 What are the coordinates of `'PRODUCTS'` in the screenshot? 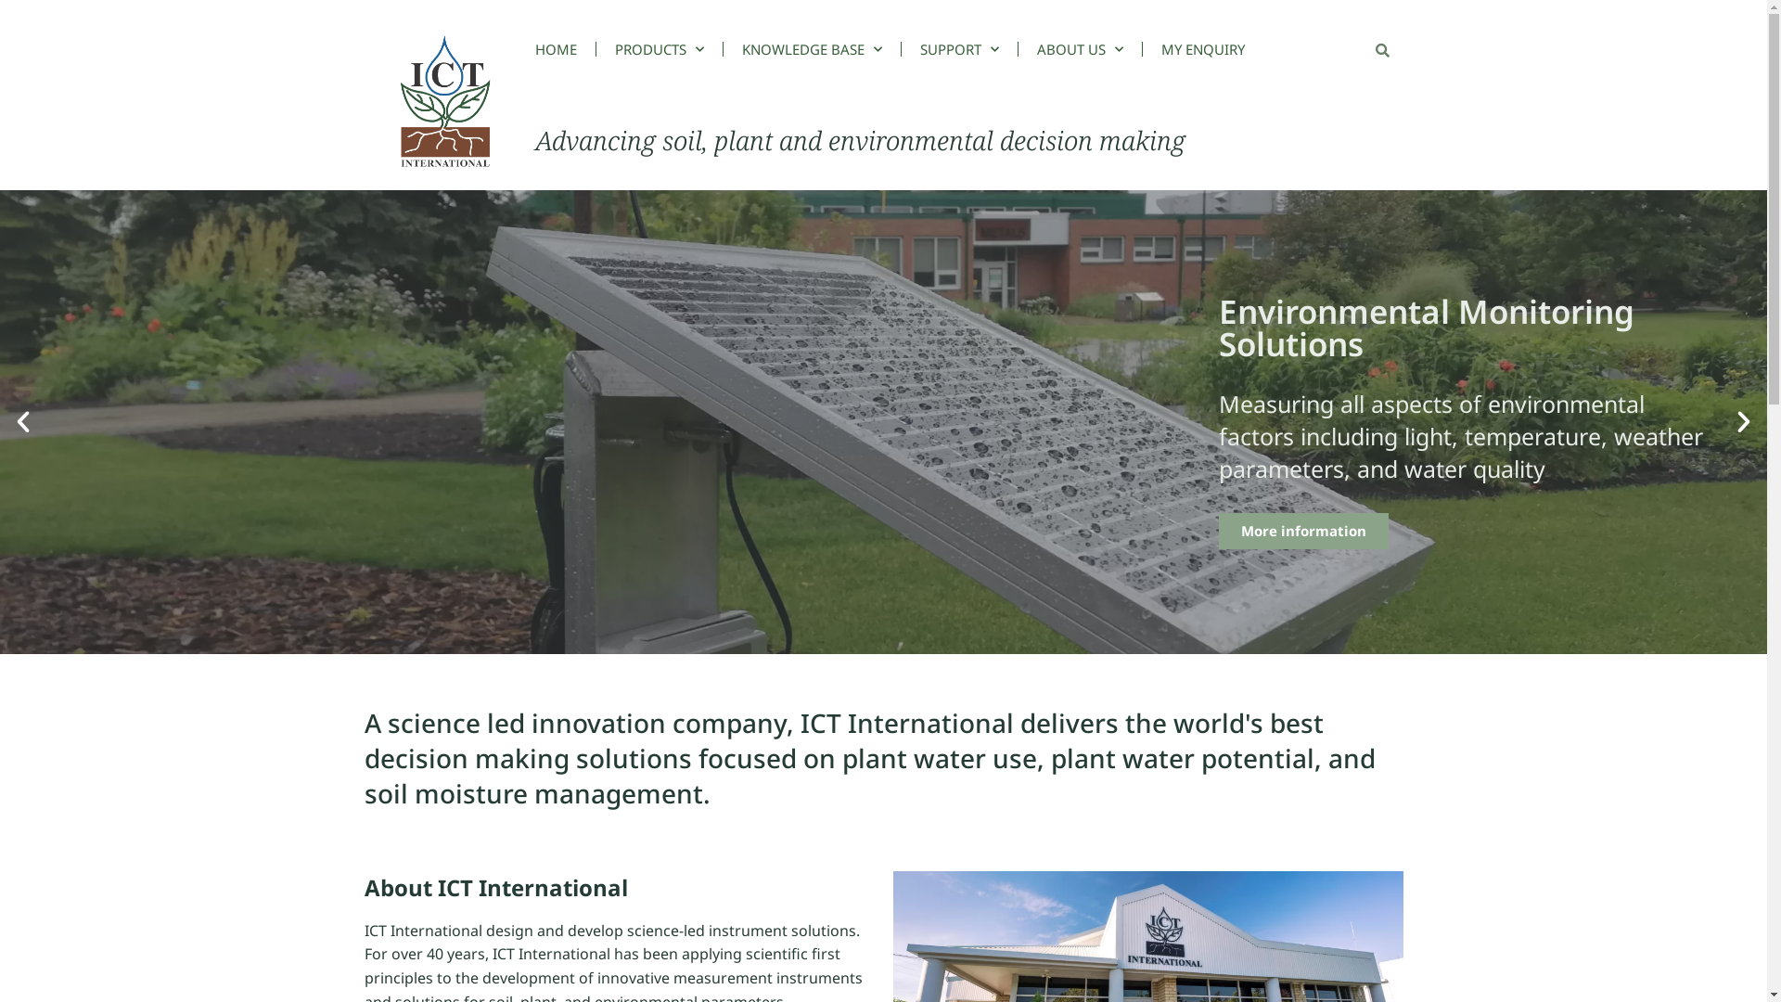 It's located at (659, 48).